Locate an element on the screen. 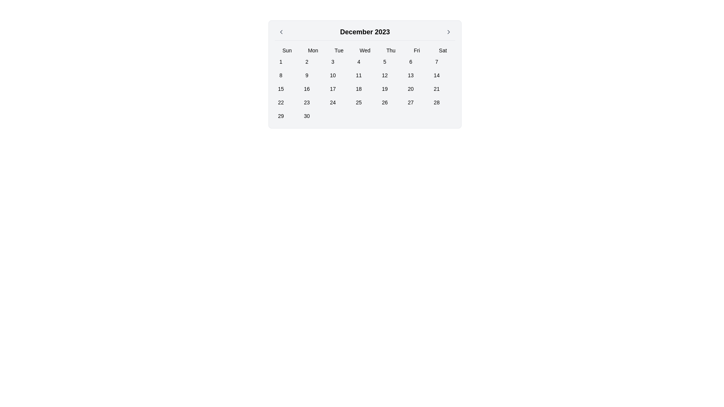 The height and width of the screenshot is (407, 724). the button representing the 5th day of the month in the calendar interface is located at coordinates (385, 61).